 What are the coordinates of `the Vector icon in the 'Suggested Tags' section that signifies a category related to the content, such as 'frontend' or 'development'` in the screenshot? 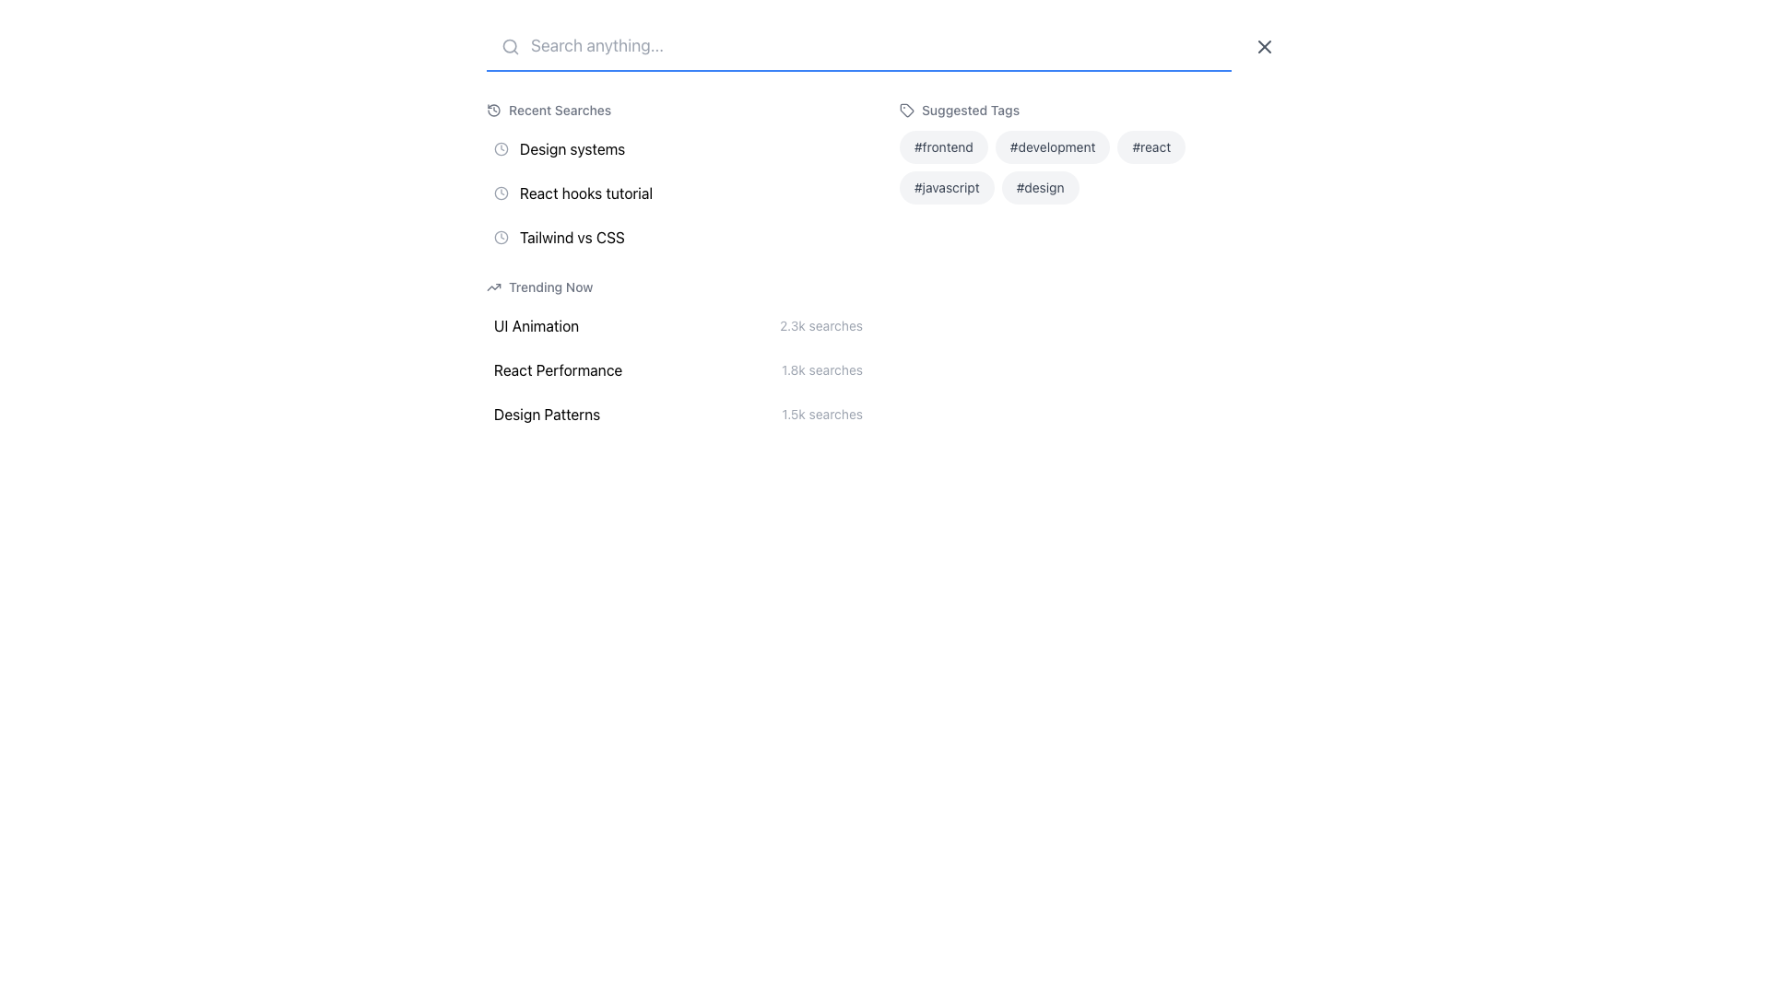 It's located at (906, 110).